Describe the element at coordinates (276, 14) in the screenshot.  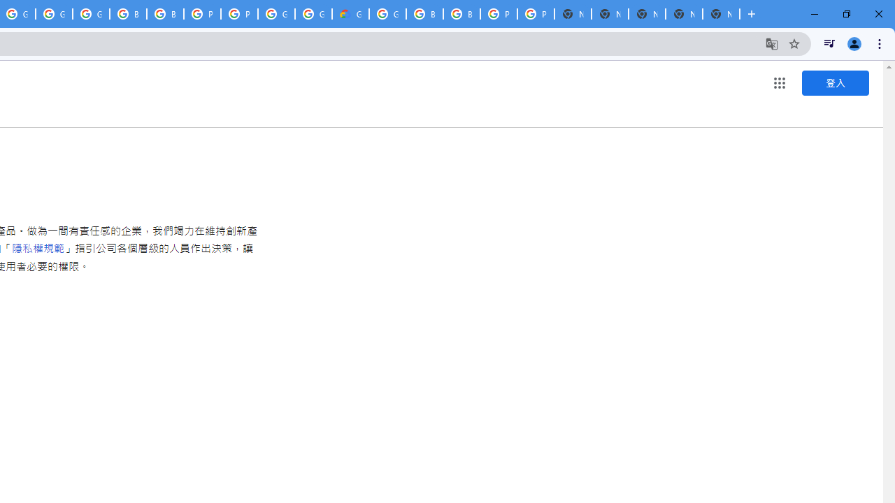
I see `'Google Cloud Platform'` at that location.